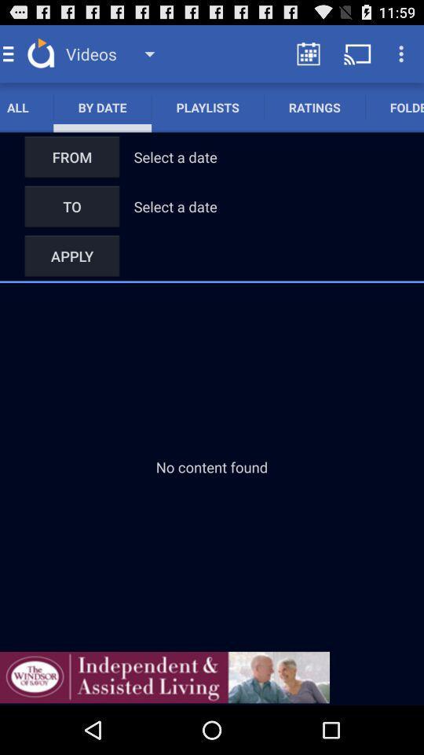  What do you see at coordinates (164, 676) in the screenshot?
I see `advertisement link` at bounding box center [164, 676].